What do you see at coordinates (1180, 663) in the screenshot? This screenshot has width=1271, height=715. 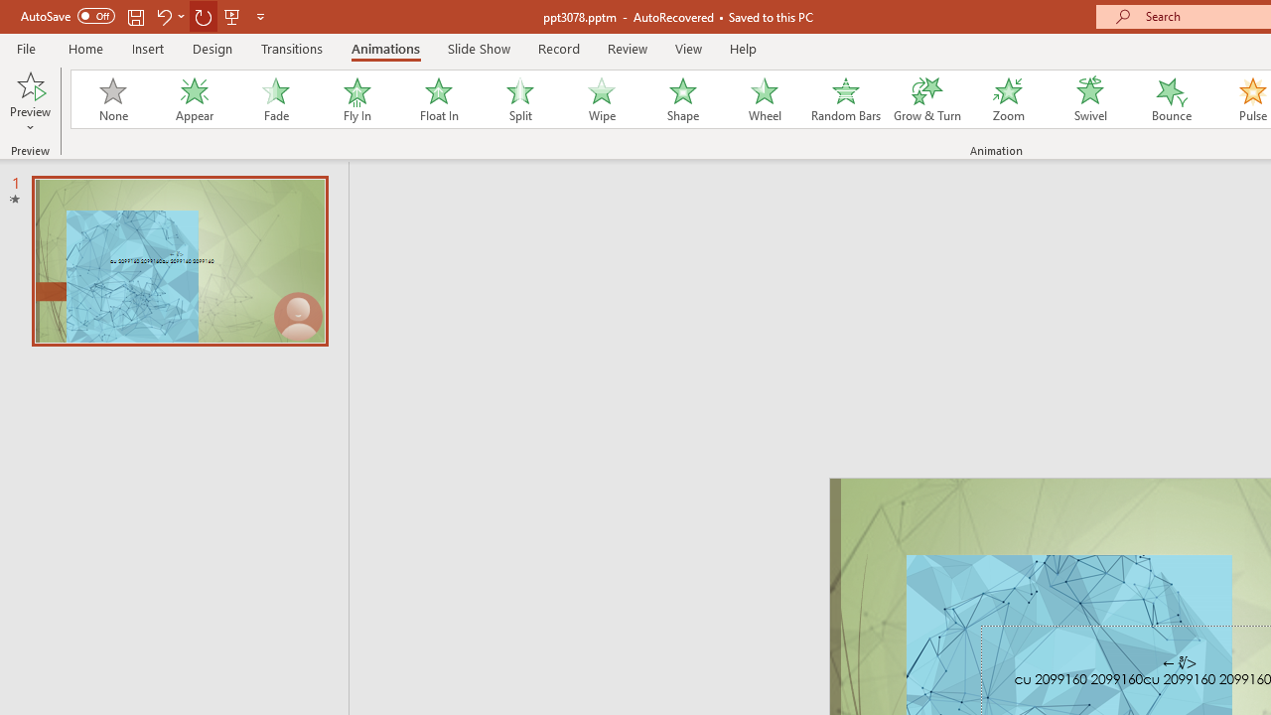 I see `'TextBox 7'` at bounding box center [1180, 663].